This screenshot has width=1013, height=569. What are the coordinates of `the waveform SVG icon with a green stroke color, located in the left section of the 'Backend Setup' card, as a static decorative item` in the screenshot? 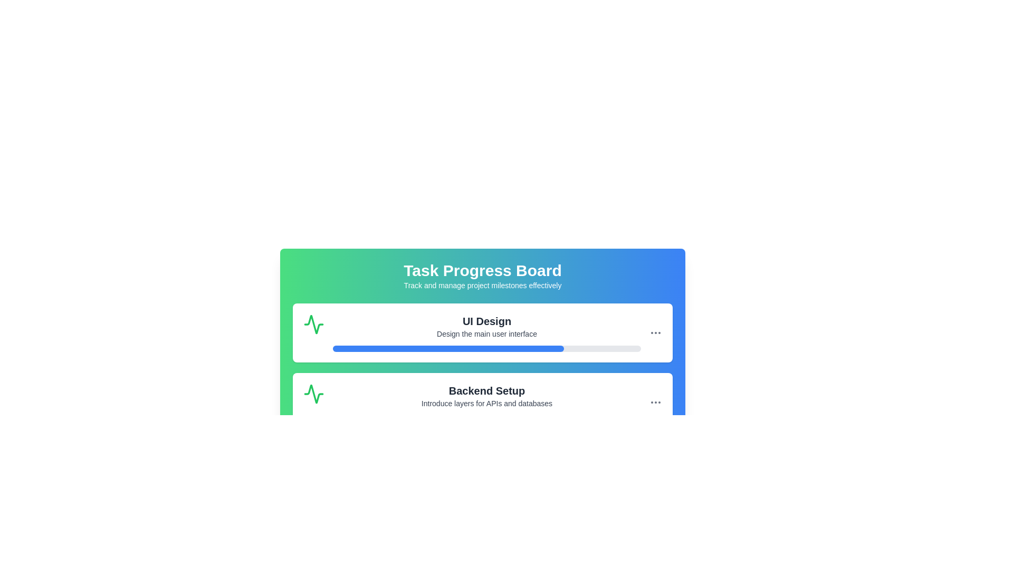 It's located at (313, 394).